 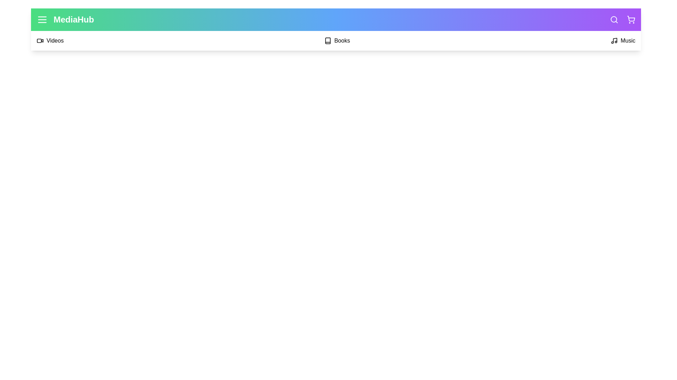 I want to click on the Books menu item to toggle the dropdown options, so click(x=336, y=40).